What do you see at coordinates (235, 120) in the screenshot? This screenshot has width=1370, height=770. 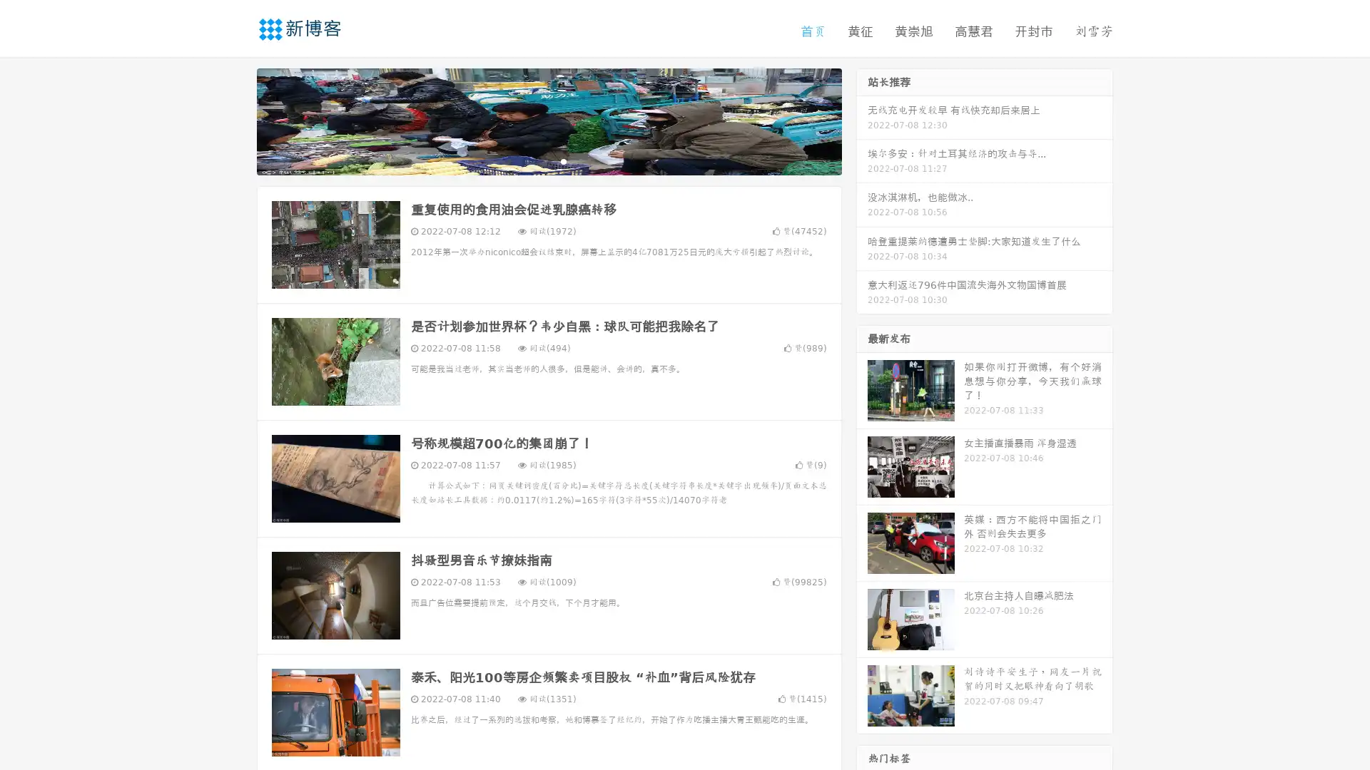 I see `Previous slide` at bounding box center [235, 120].